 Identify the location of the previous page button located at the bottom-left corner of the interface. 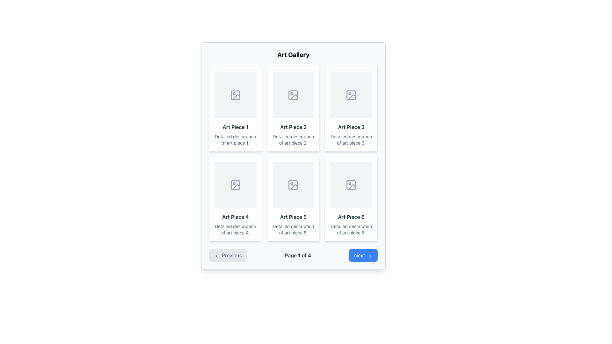
(228, 255).